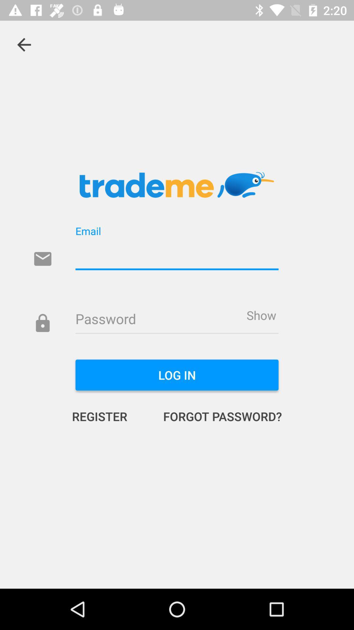 The height and width of the screenshot is (630, 354). I want to click on item above the register icon, so click(177, 375).